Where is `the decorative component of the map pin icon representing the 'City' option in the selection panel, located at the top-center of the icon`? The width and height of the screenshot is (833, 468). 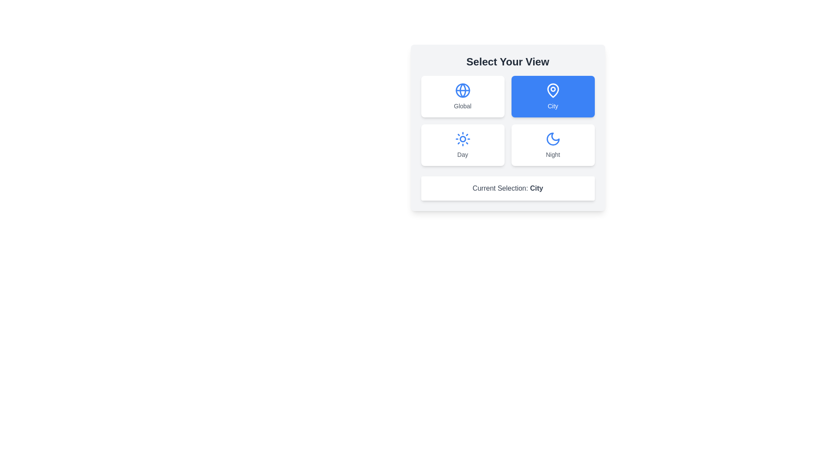 the decorative component of the map pin icon representing the 'City' option in the selection panel, located at the top-center of the icon is located at coordinates (552, 90).